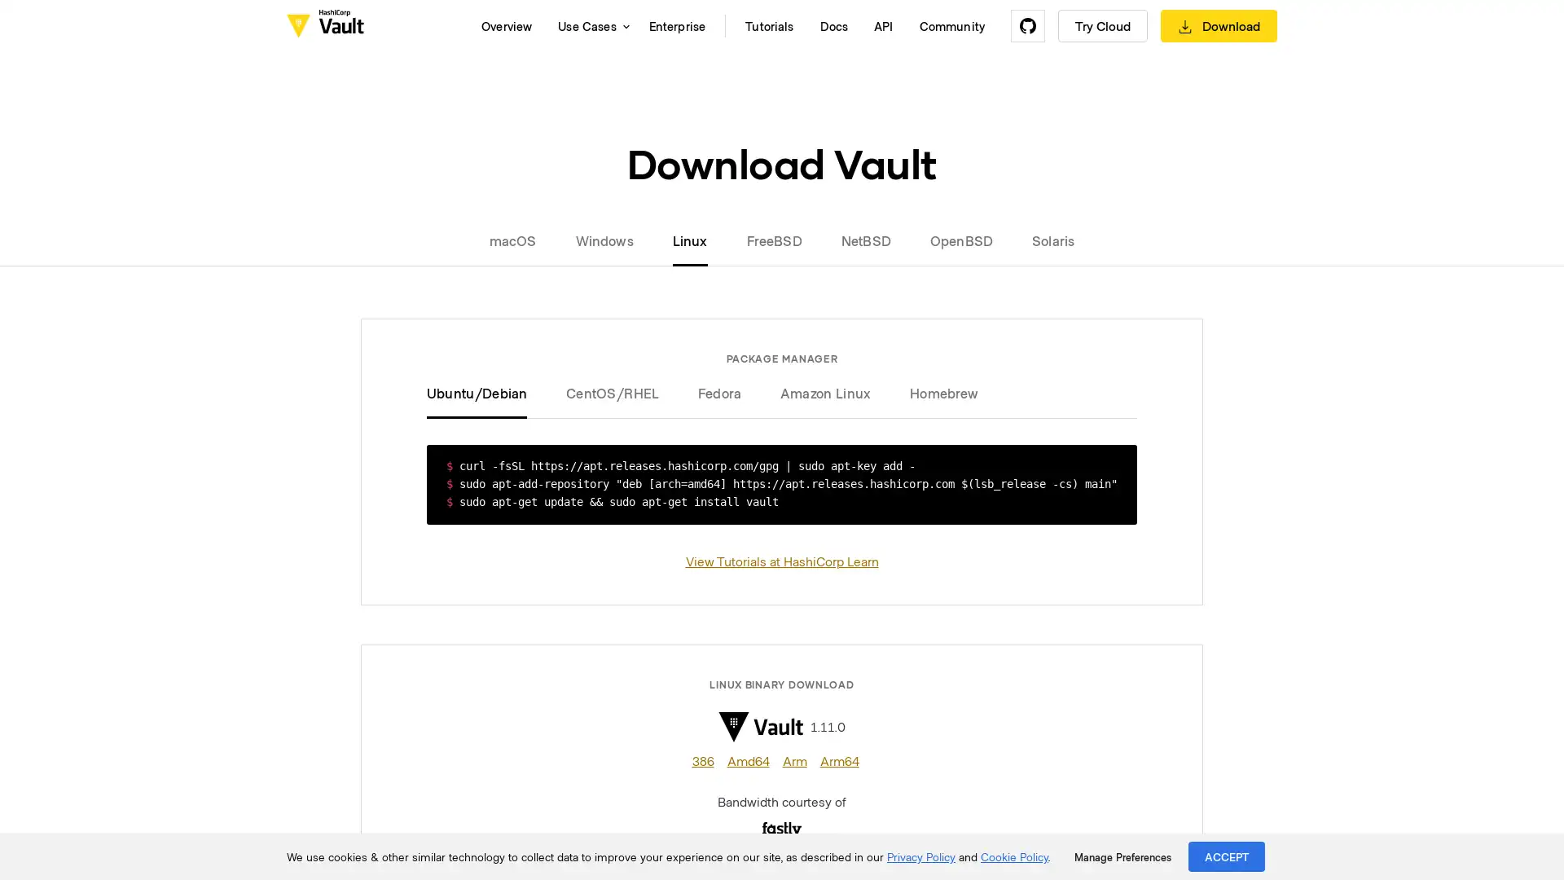  Describe the element at coordinates (864, 240) in the screenshot. I see `NetBSD` at that location.